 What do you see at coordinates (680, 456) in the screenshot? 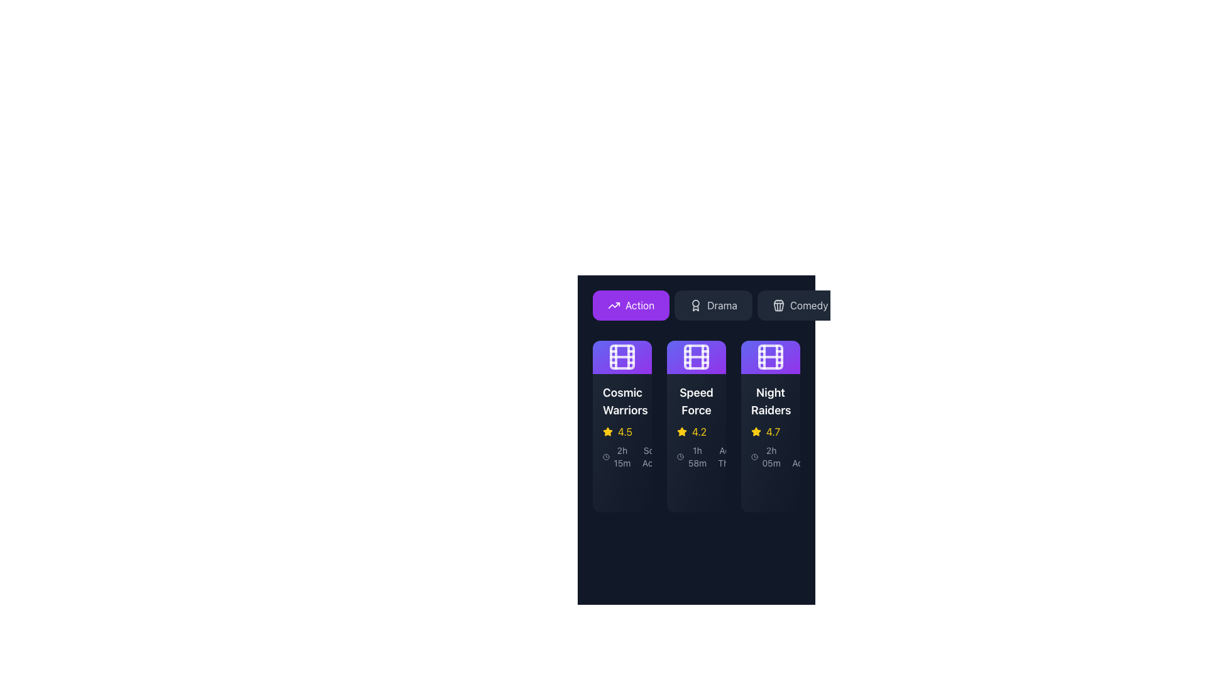
I see `the small circular clock icon located next to the duration text '1h 58m' in the second movie information card` at bounding box center [680, 456].